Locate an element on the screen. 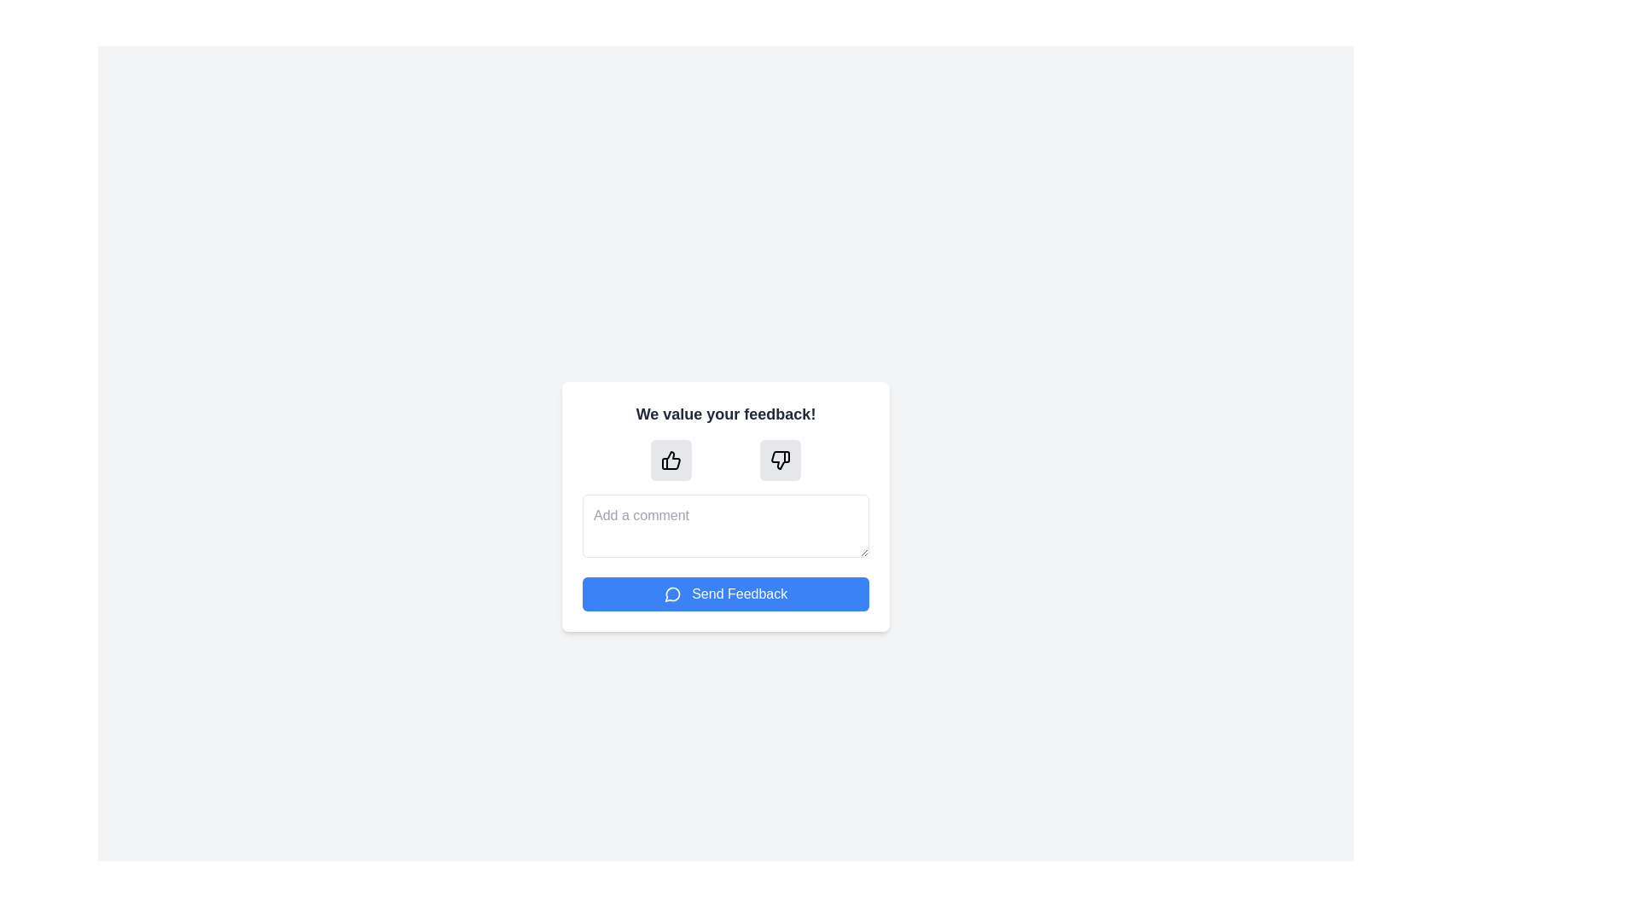  the thumbs-up icon in the feedback panel, which is positioned to the left of the thumbs-down icon and above the comment input box is located at coordinates (671, 459).